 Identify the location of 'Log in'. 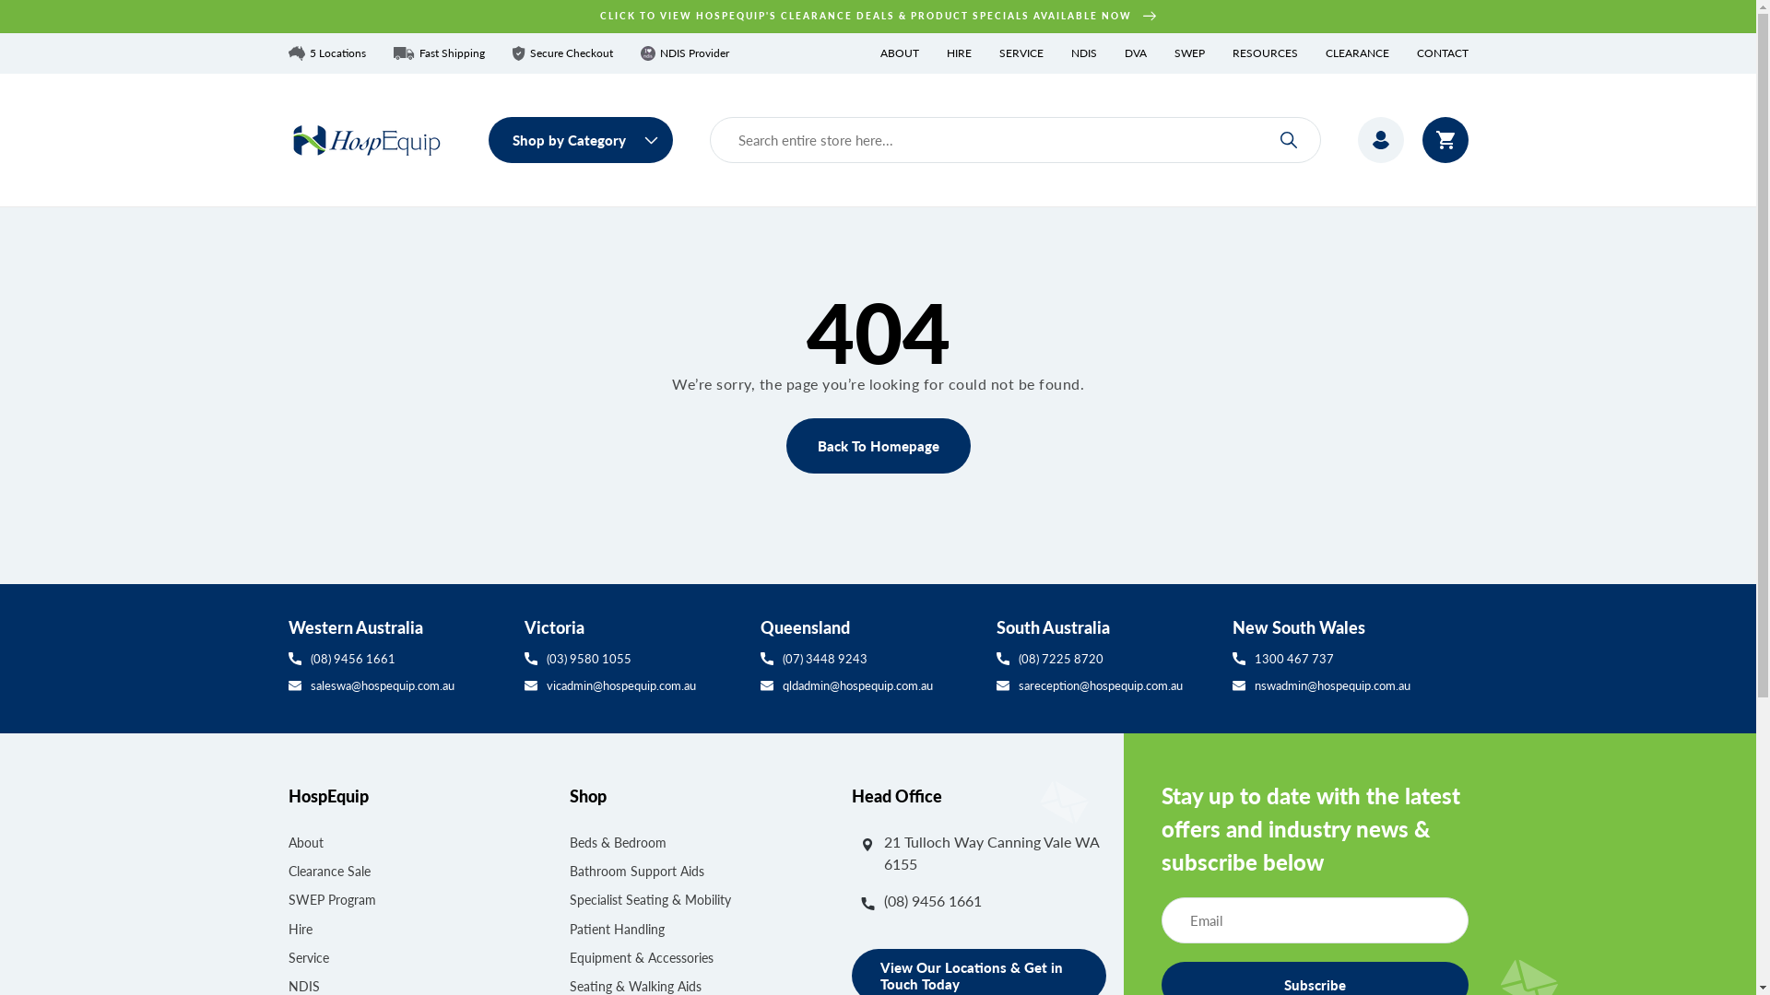
(1380, 138).